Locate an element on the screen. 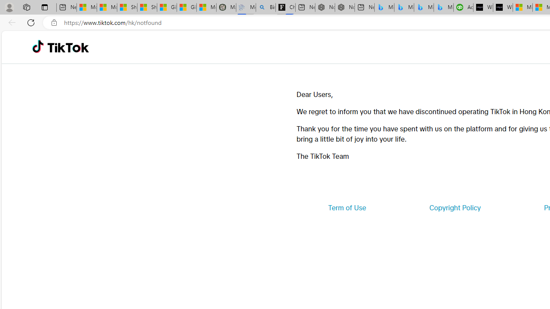 This screenshot has width=550, height=309. 'Manatee Mortality Statistics | FWC' is located at coordinates (226, 7).